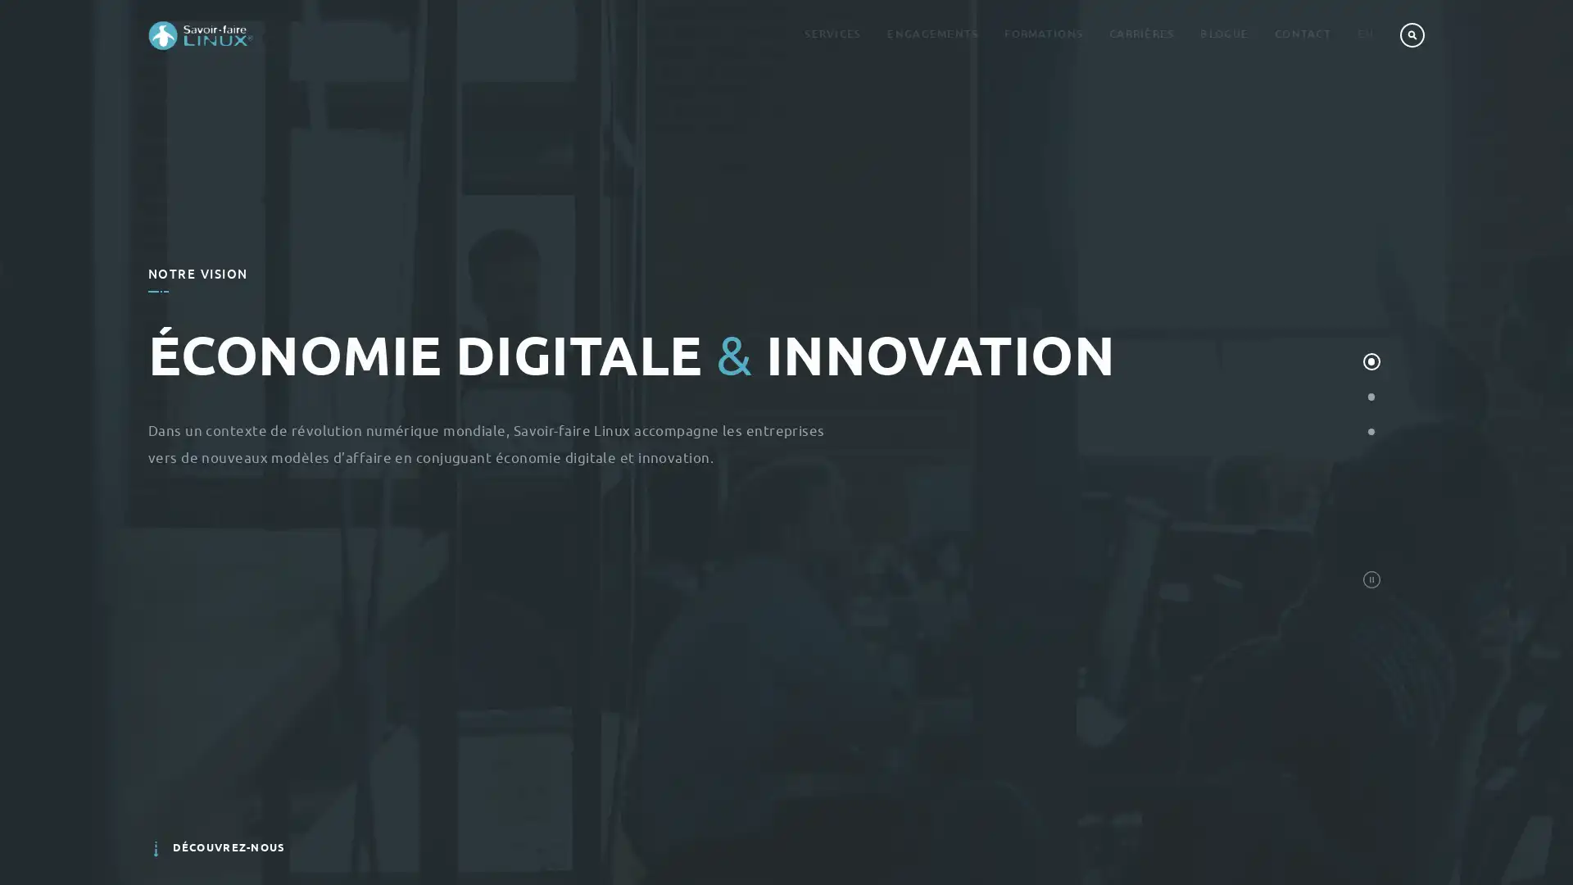 Image resolution: width=1573 pixels, height=885 pixels. I want to click on STOP_START_SLIDESHOW_LABEL, so click(1371, 578).